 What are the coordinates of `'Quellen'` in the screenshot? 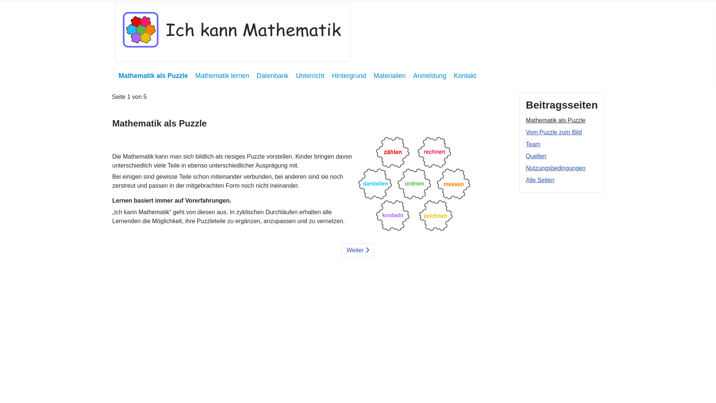 It's located at (536, 156).